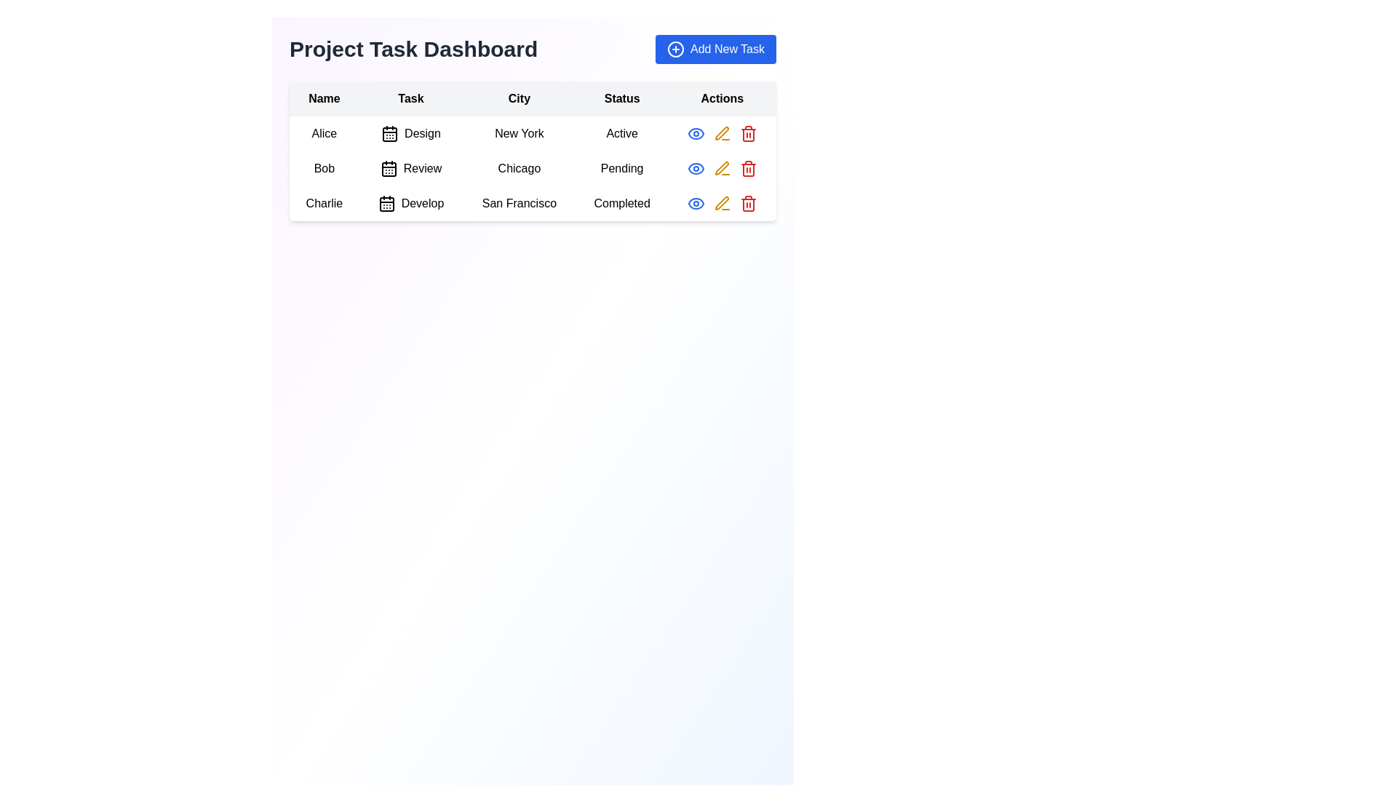  Describe the element at coordinates (748, 135) in the screenshot. I see `the red trash bin icon in the 'Actions' column for the row corresponding to 'Bob'` at that location.